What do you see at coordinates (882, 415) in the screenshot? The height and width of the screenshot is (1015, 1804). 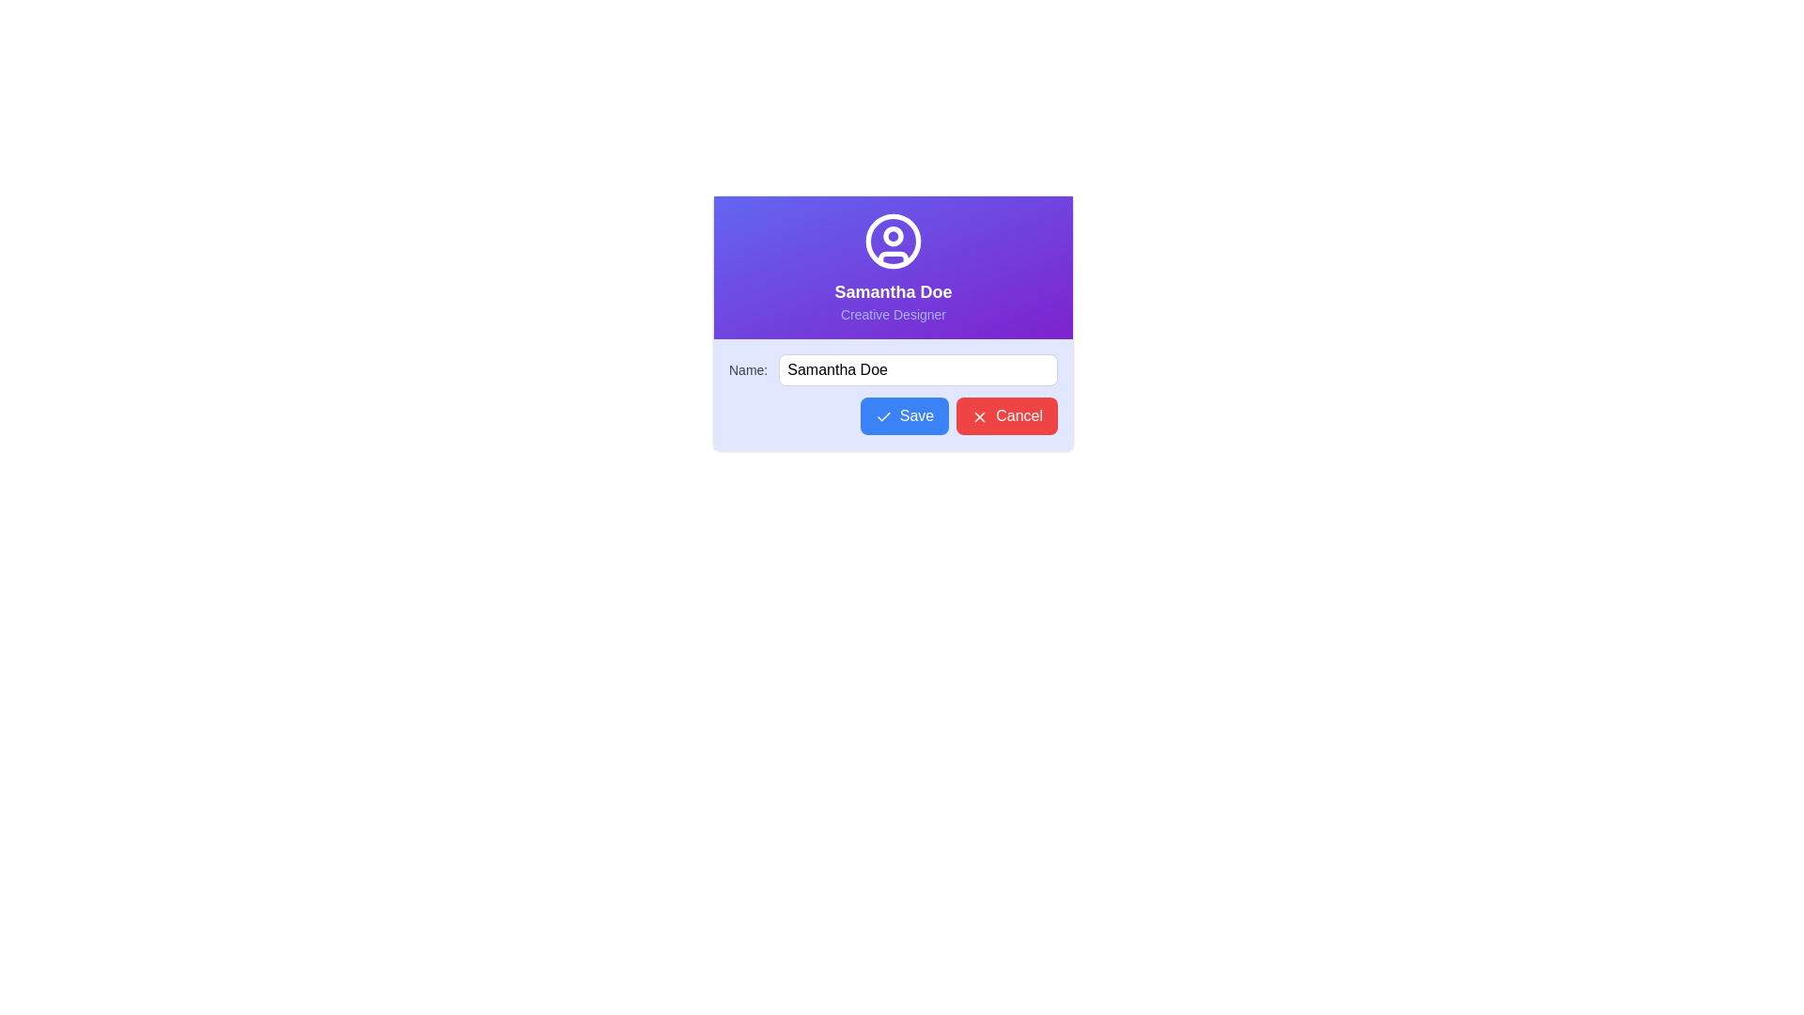 I see `the 'Save' button by clicking on it, which contains a blue check mark icon on its left side` at bounding box center [882, 415].